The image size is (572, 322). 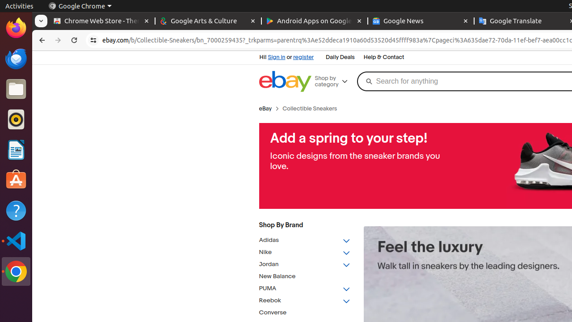 What do you see at coordinates (420, 21) in the screenshot?
I see `'Google News - Memory usage - 49.7 MB'` at bounding box center [420, 21].